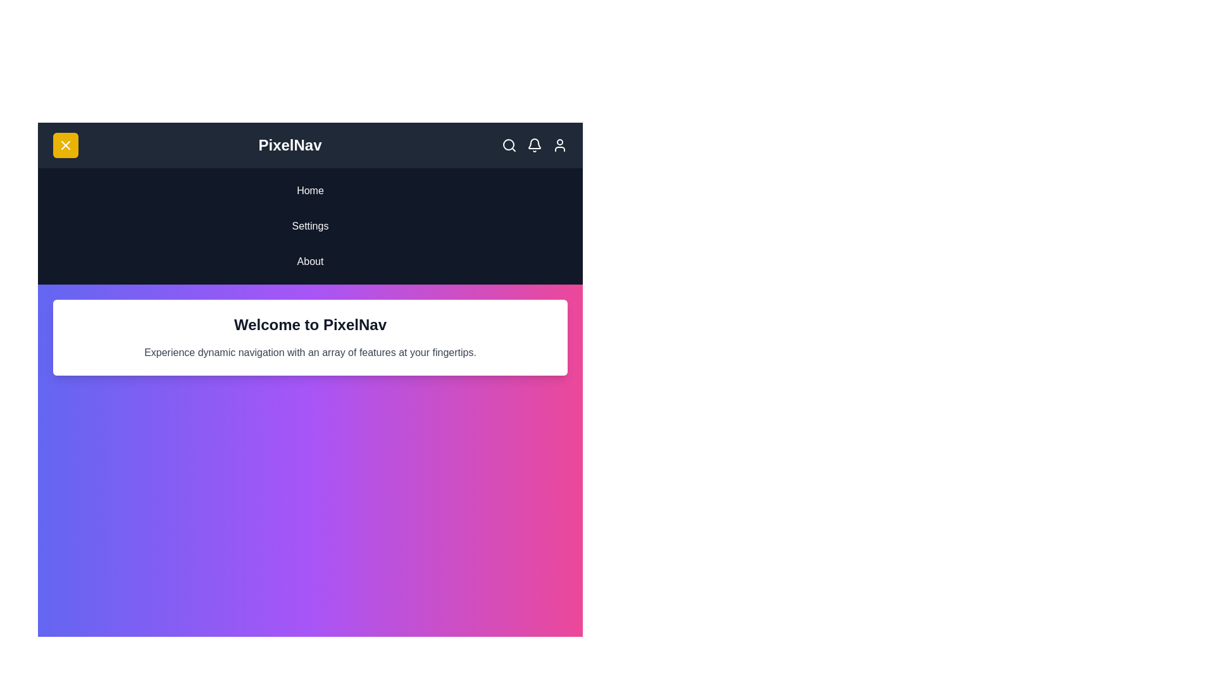  What do you see at coordinates (509, 145) in the screenshot?
I see `the interactive elements: search_icon` at bounding box center [509, 145].